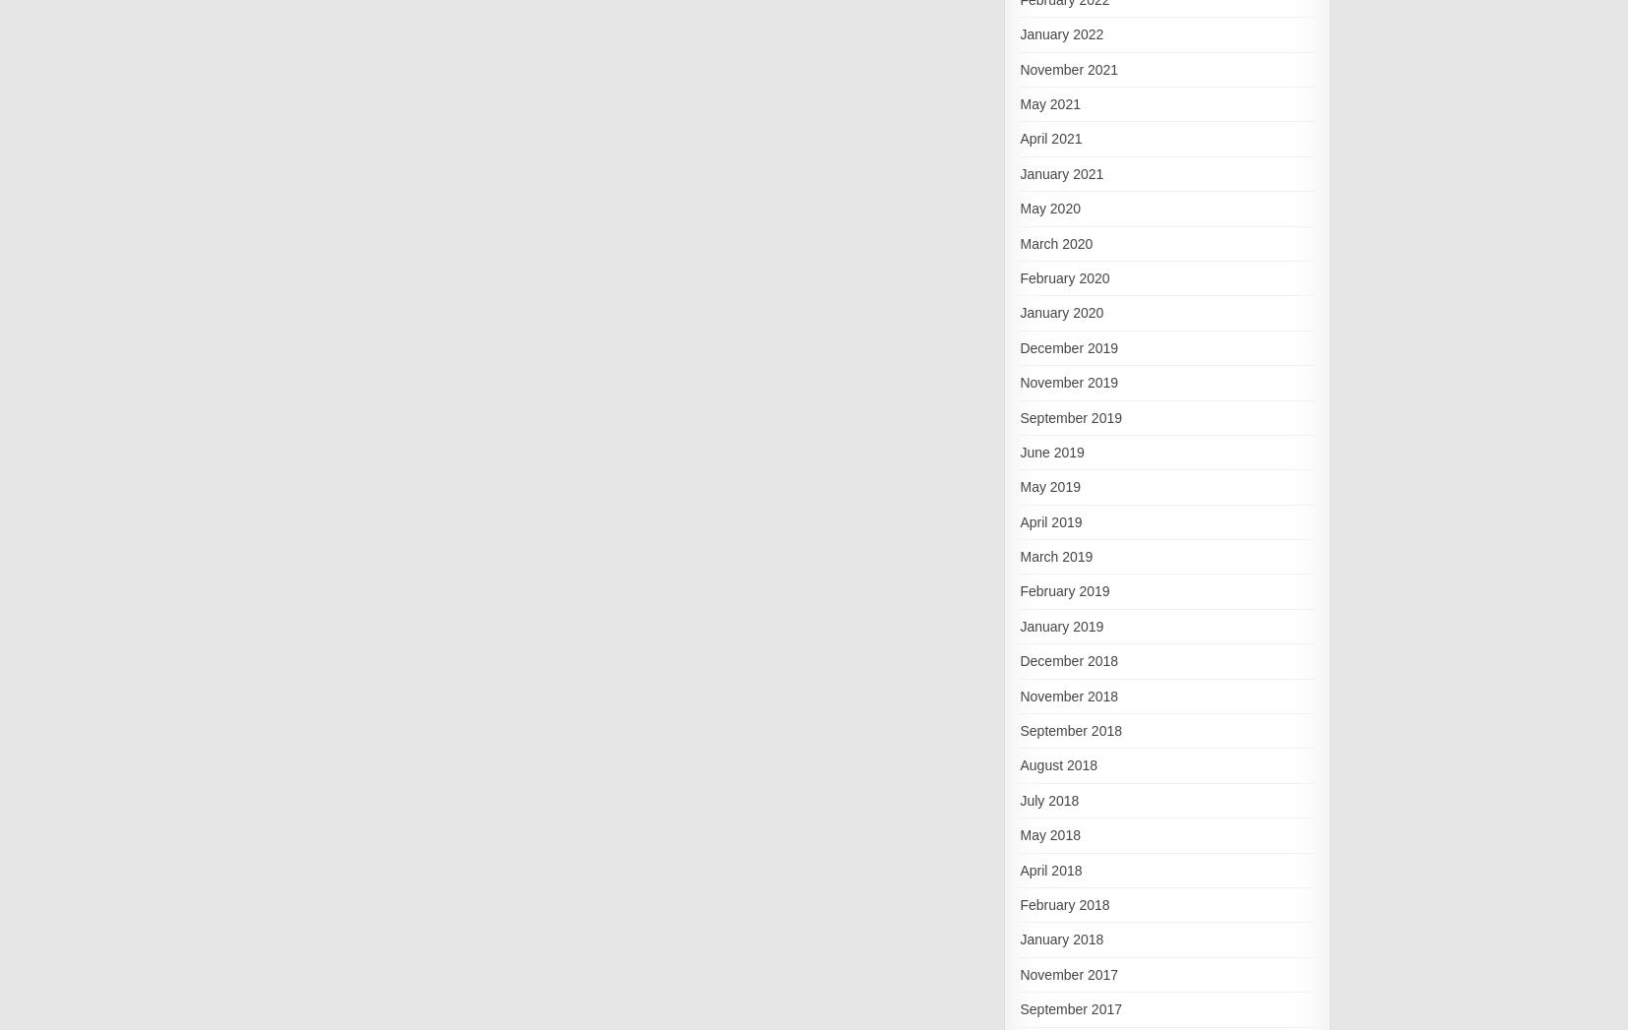 Image resolution: width=1628 pixels, height=1030 pixels. Describe the element at coordinates (1048, 208) in the screenshot. I see `'May 2020'` at that location.